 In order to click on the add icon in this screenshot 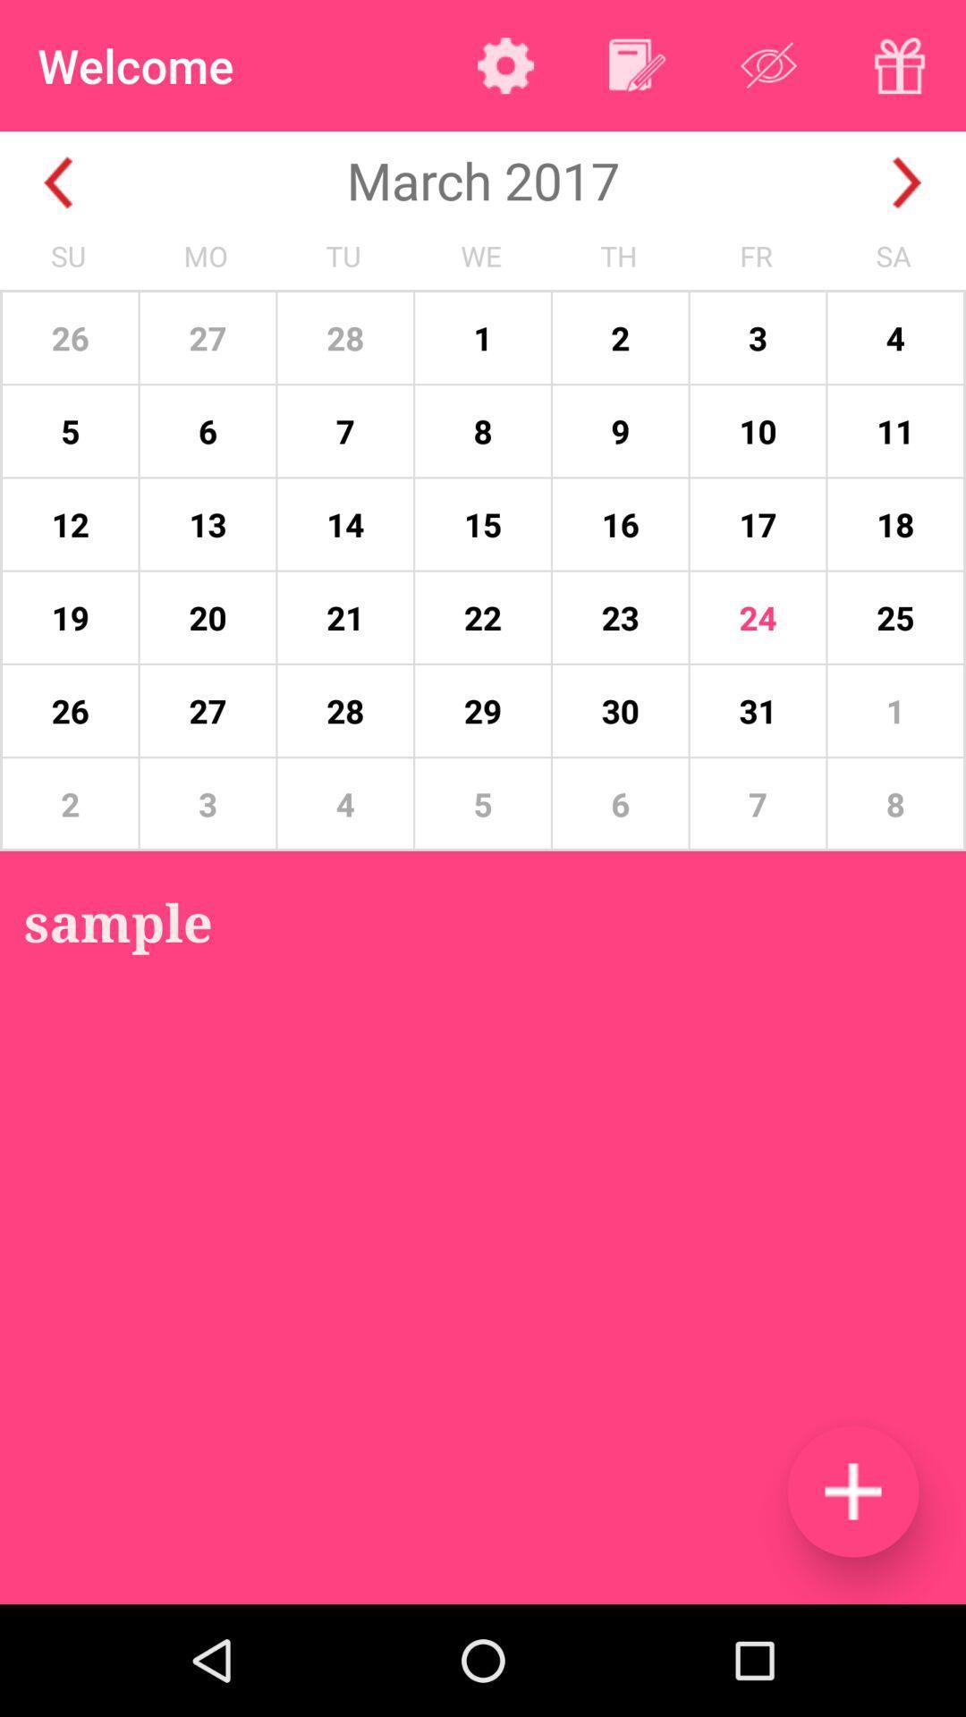, I will do `click(852, 1491)`.